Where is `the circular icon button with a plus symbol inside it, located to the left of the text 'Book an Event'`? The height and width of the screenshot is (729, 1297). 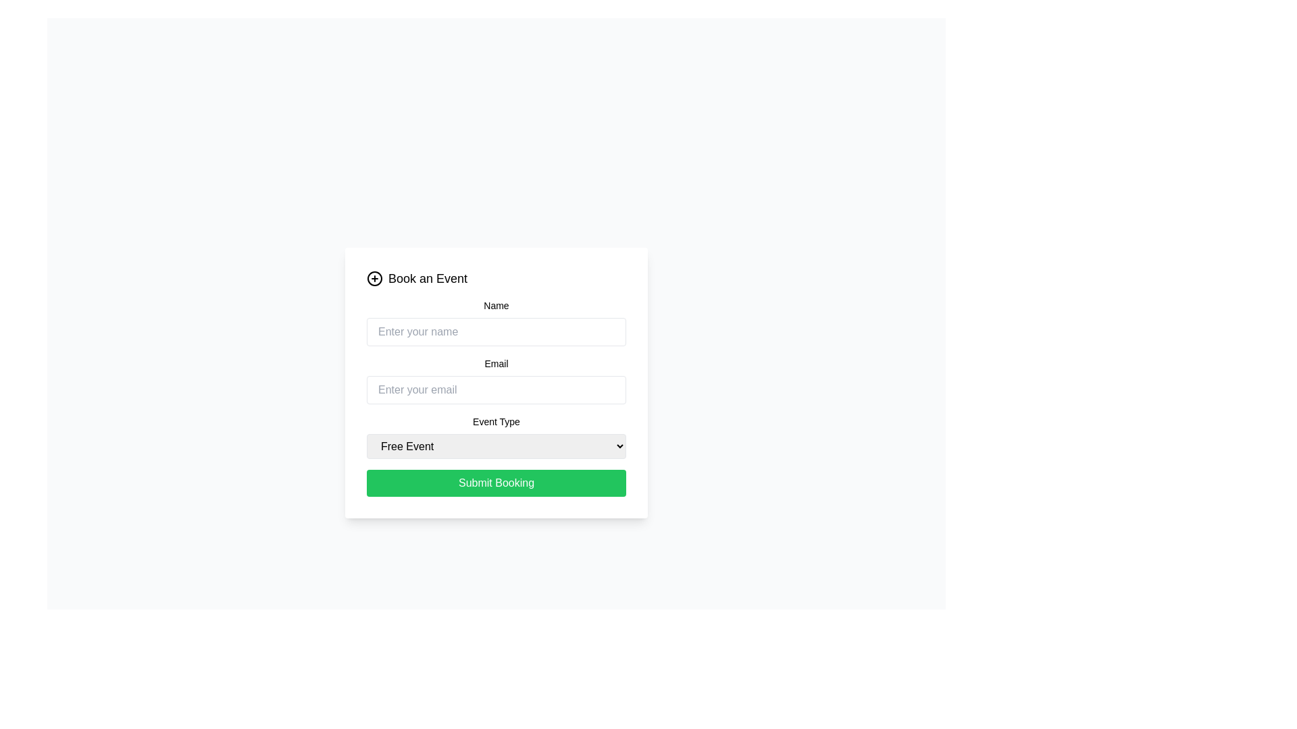
the circular icon button with a plus symbol inside it, located to the left of the text 'Book an Event' is located at coordinates (375, 277).